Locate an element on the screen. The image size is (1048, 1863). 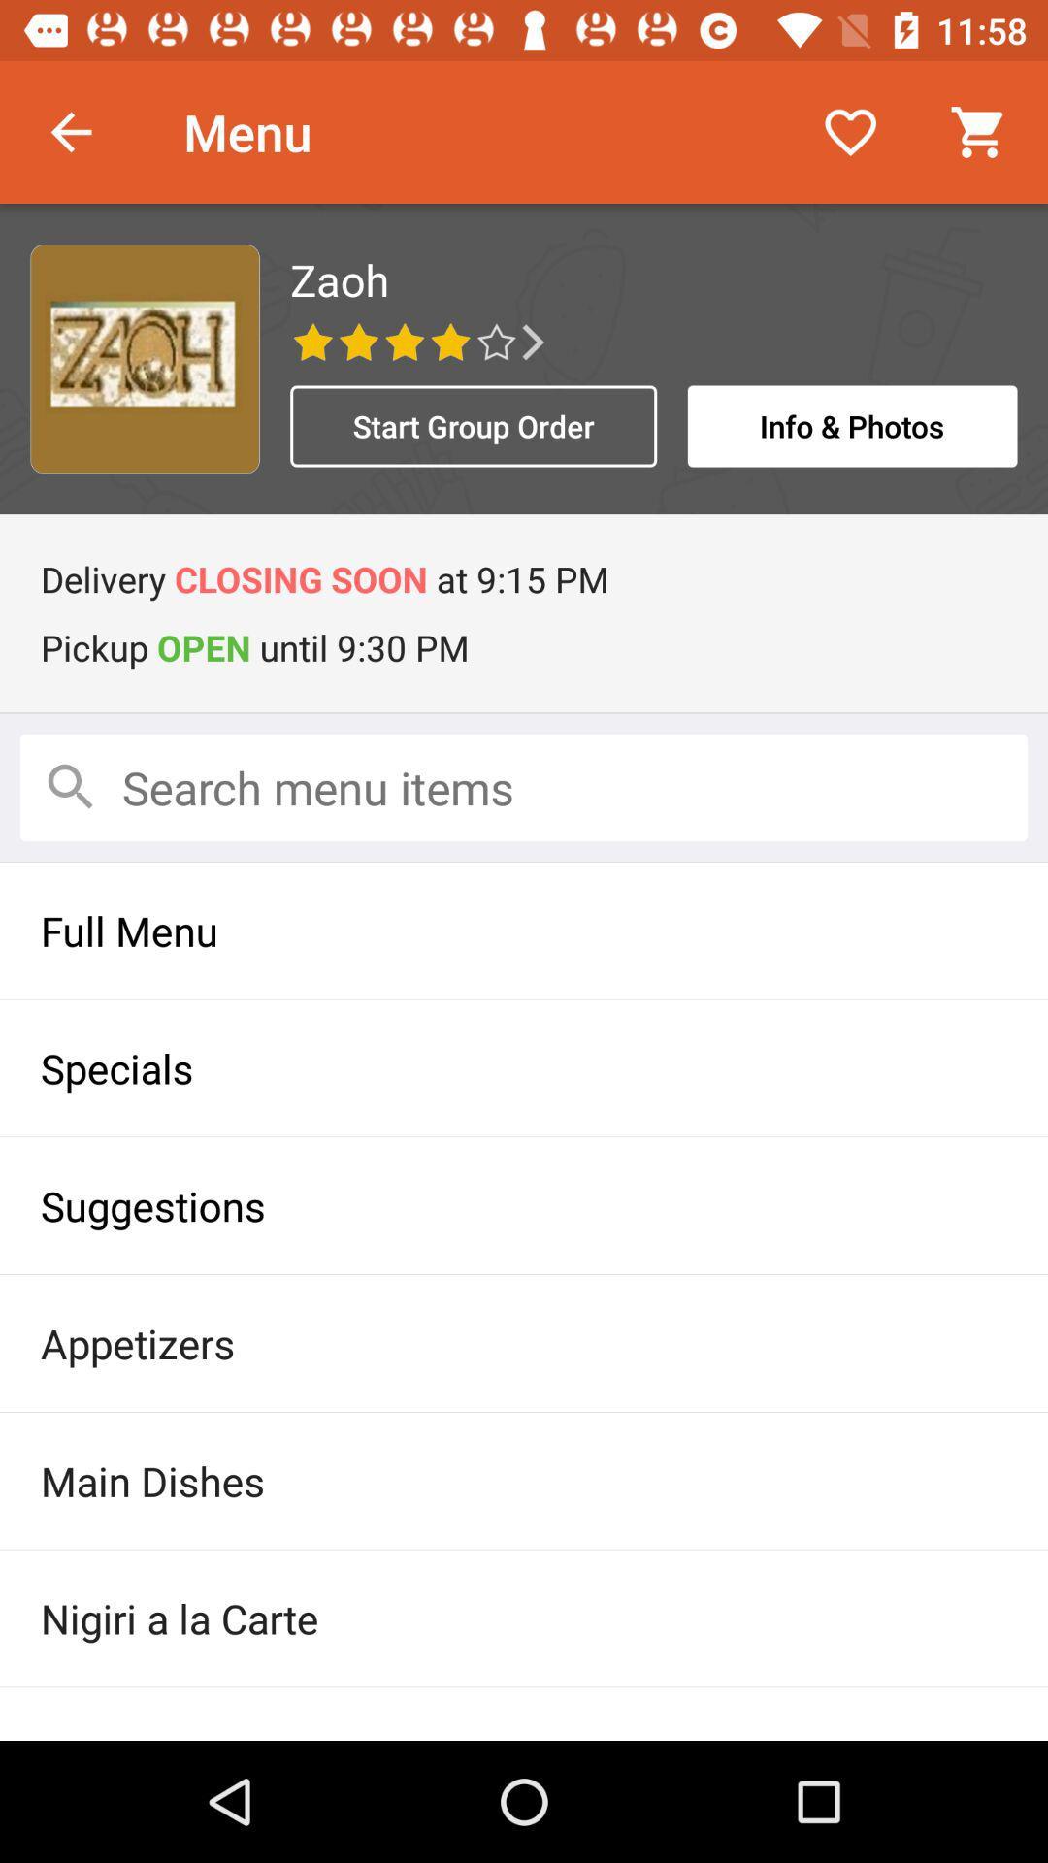
the specials item is located at coordinates (524, 1066).